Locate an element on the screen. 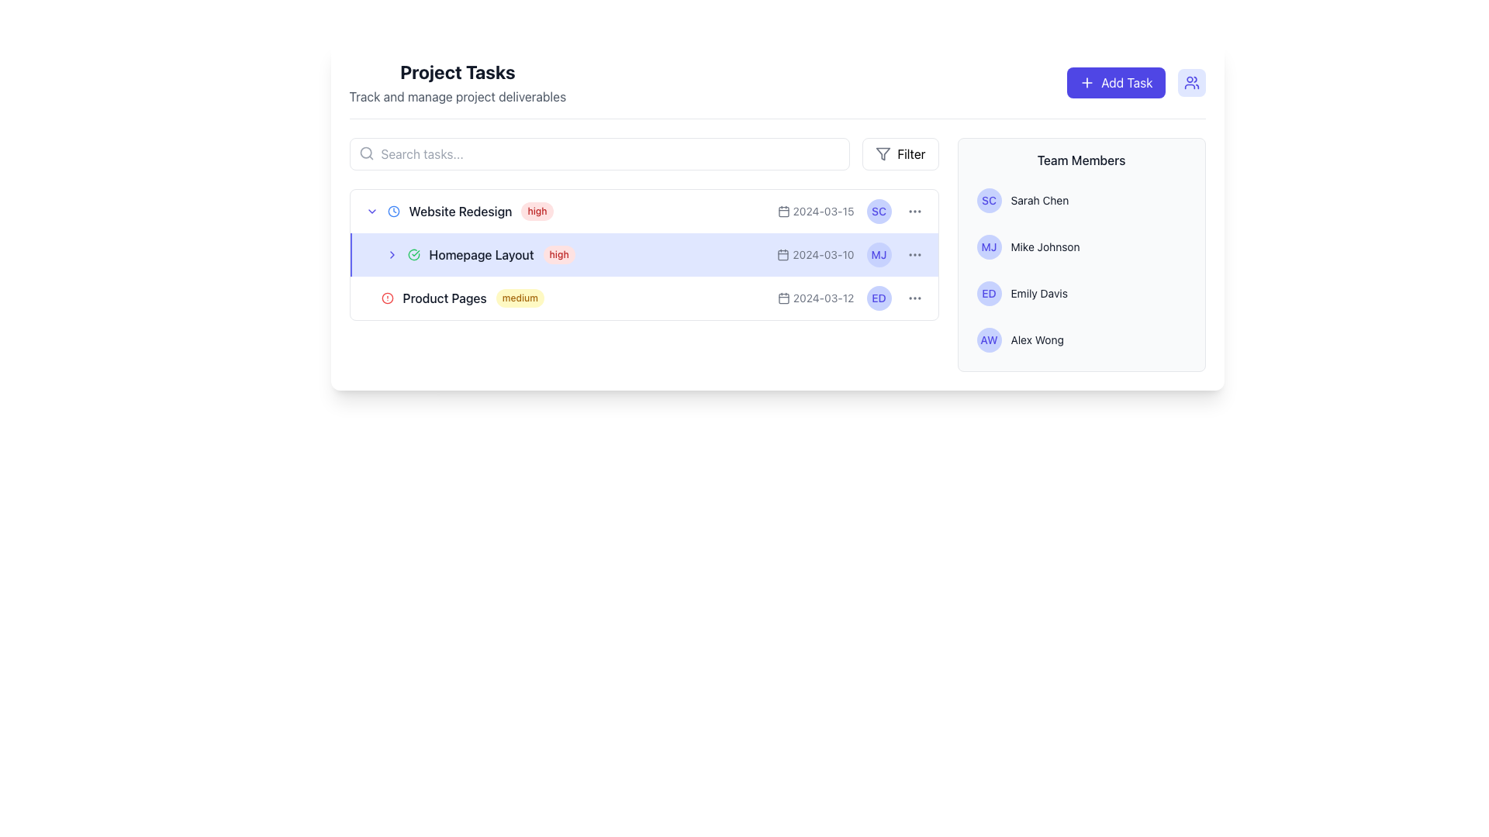  the due date text label for the task 'Website Redesign', which is the first element in its grouping next to a calendar icon to interact with it is located at coordinates (814, 212).